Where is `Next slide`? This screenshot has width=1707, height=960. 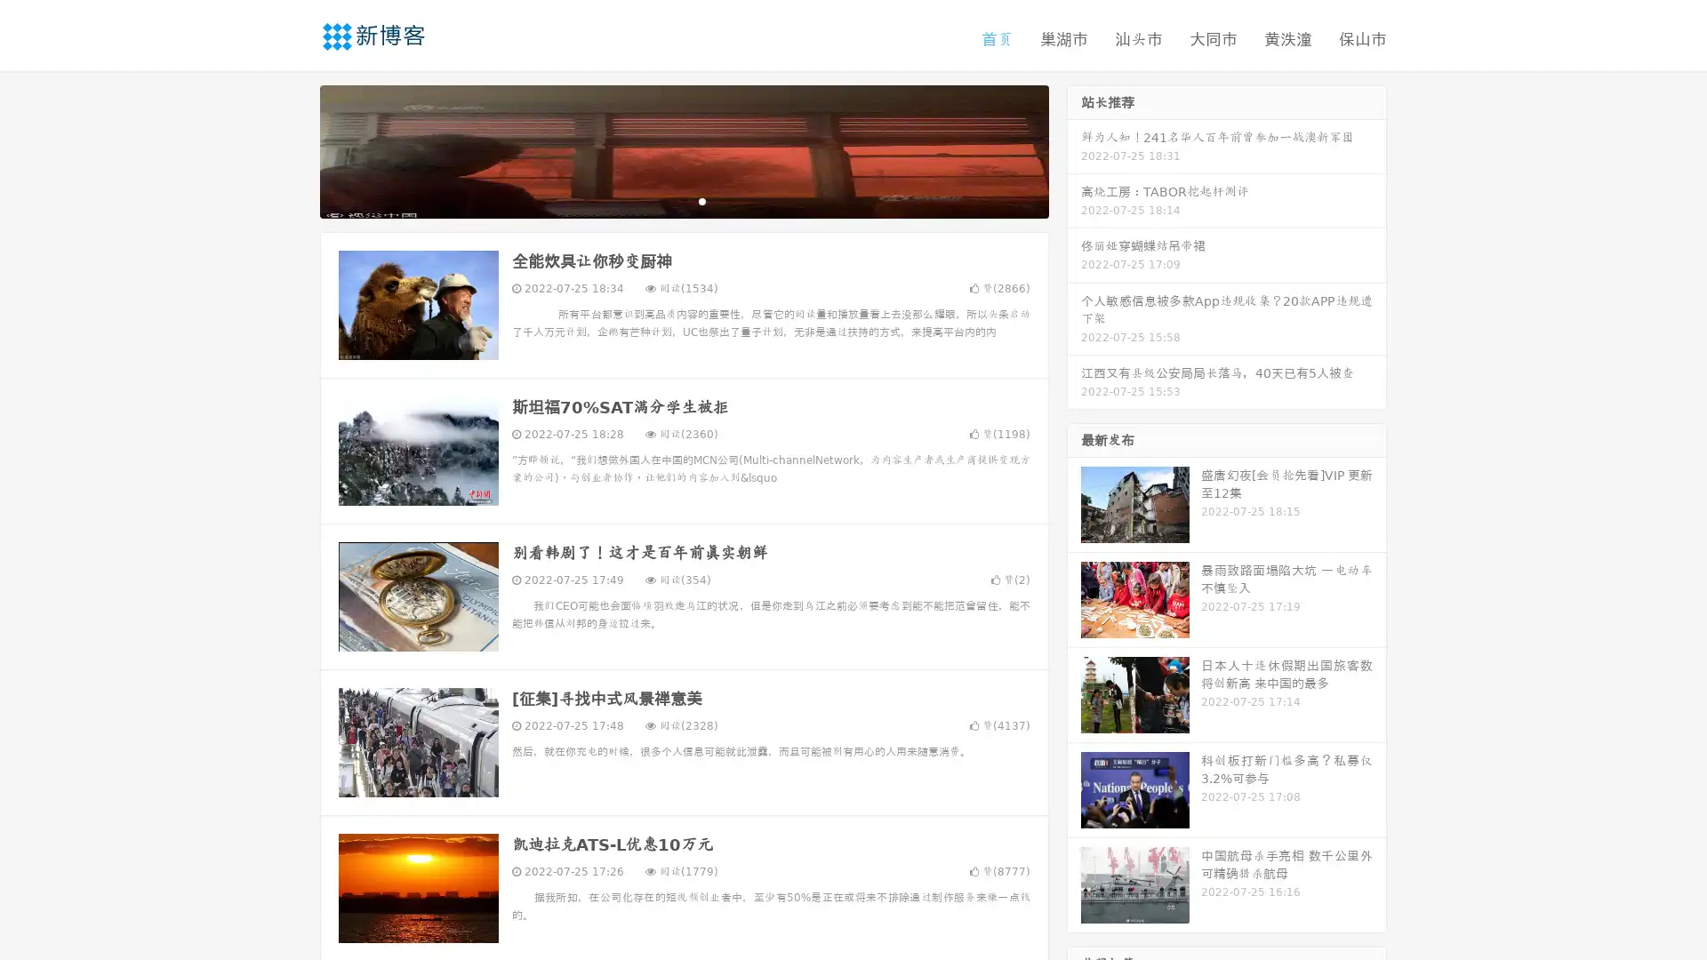 Next slide is located at coordinates (1074, 149).